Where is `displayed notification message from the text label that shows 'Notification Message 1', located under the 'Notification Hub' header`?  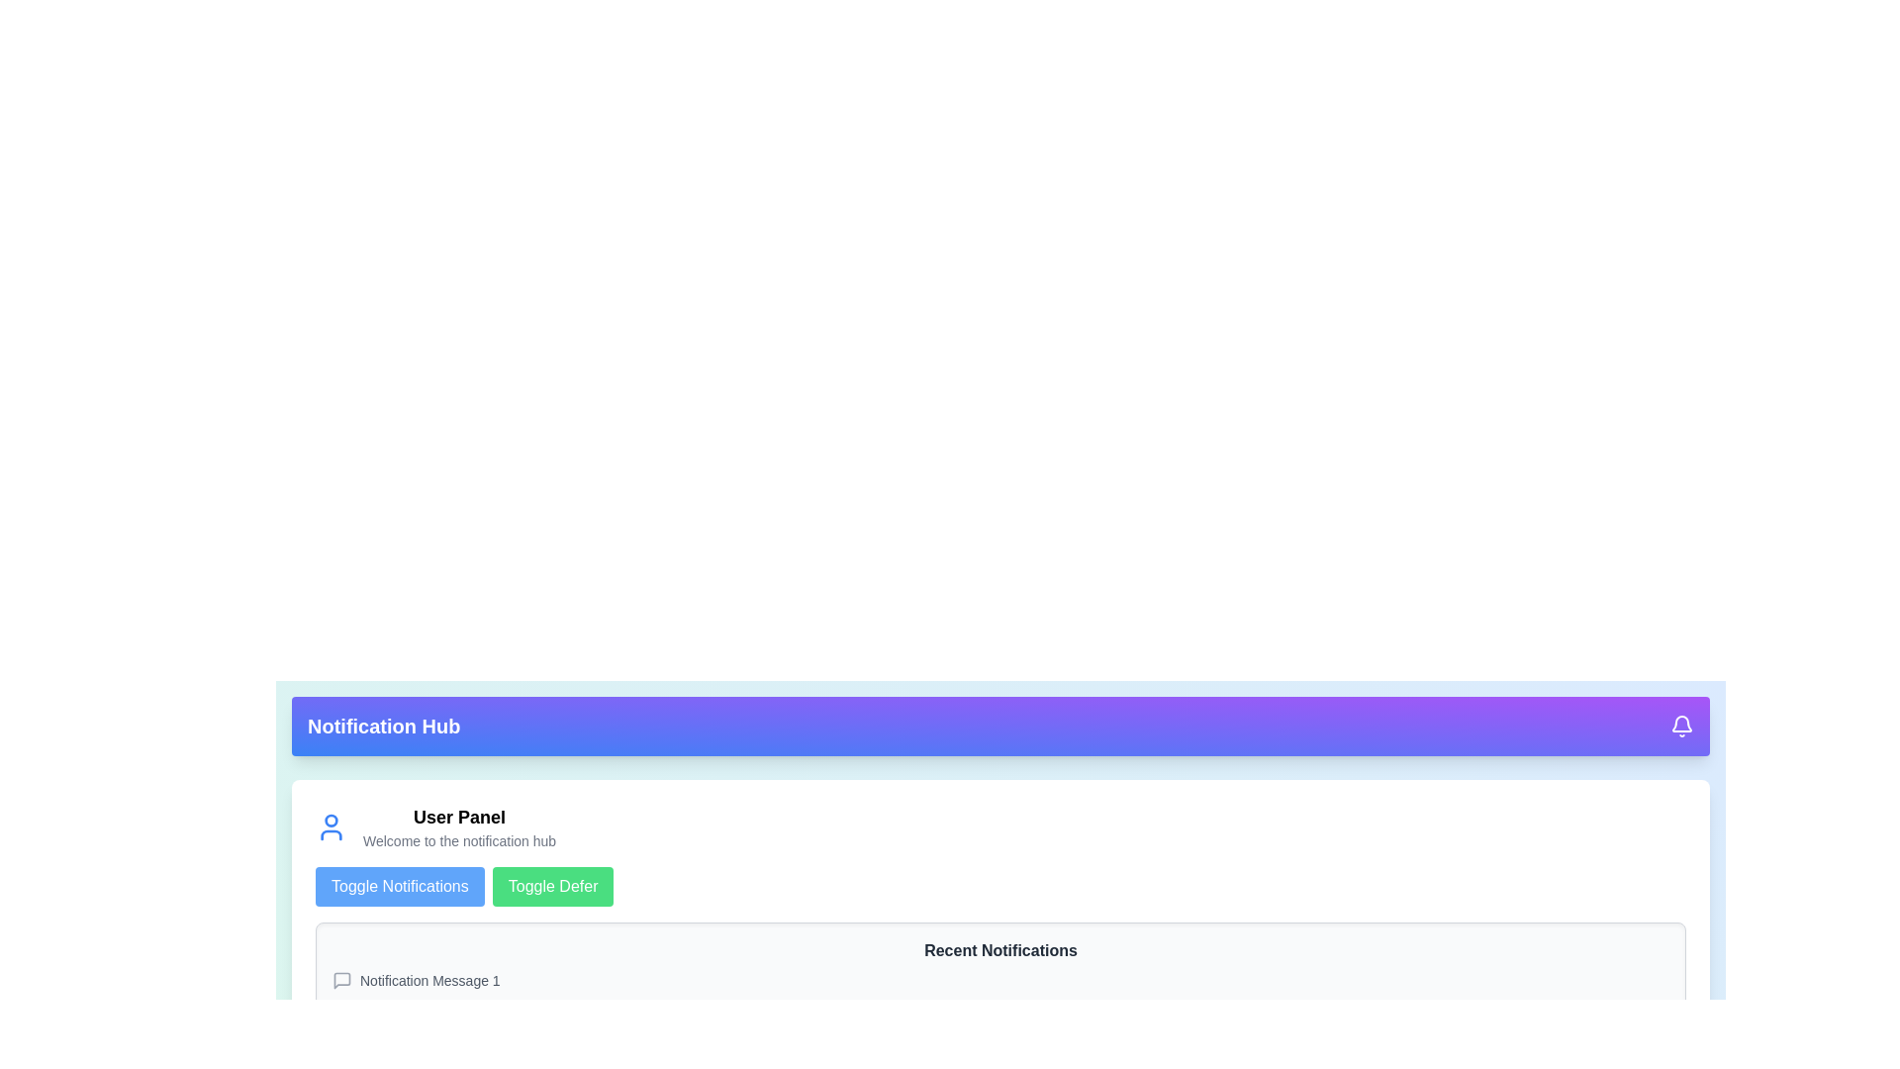
displayed notification message from the text label that shows 'Notification Message 1', located under the 'Notification Hub' header is located at coordinates (428, 981).